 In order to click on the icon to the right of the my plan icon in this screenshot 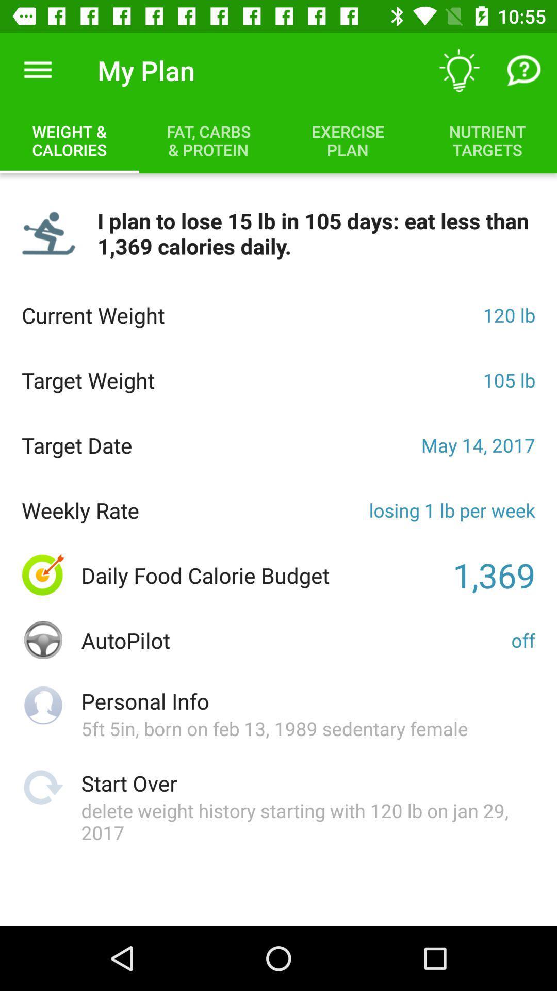, I will do `click(459, 70)`.